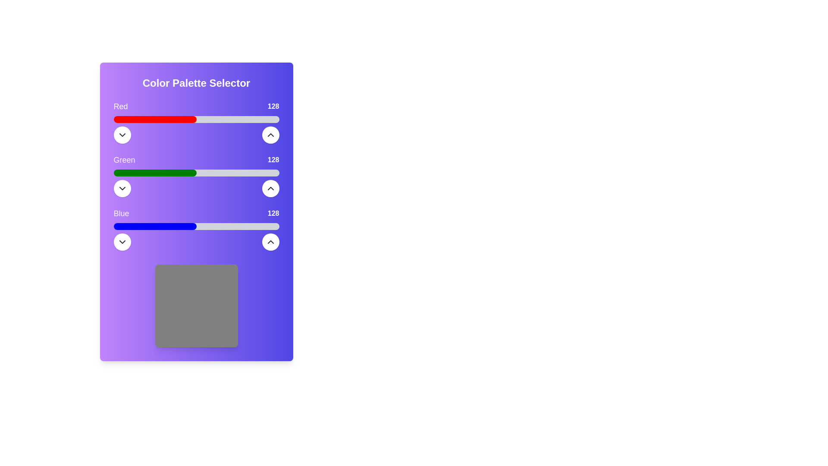  What do you see at coordinates (140, 173) in the screenshot?
I see `the green color intensity` at bounding box center [140, 173].